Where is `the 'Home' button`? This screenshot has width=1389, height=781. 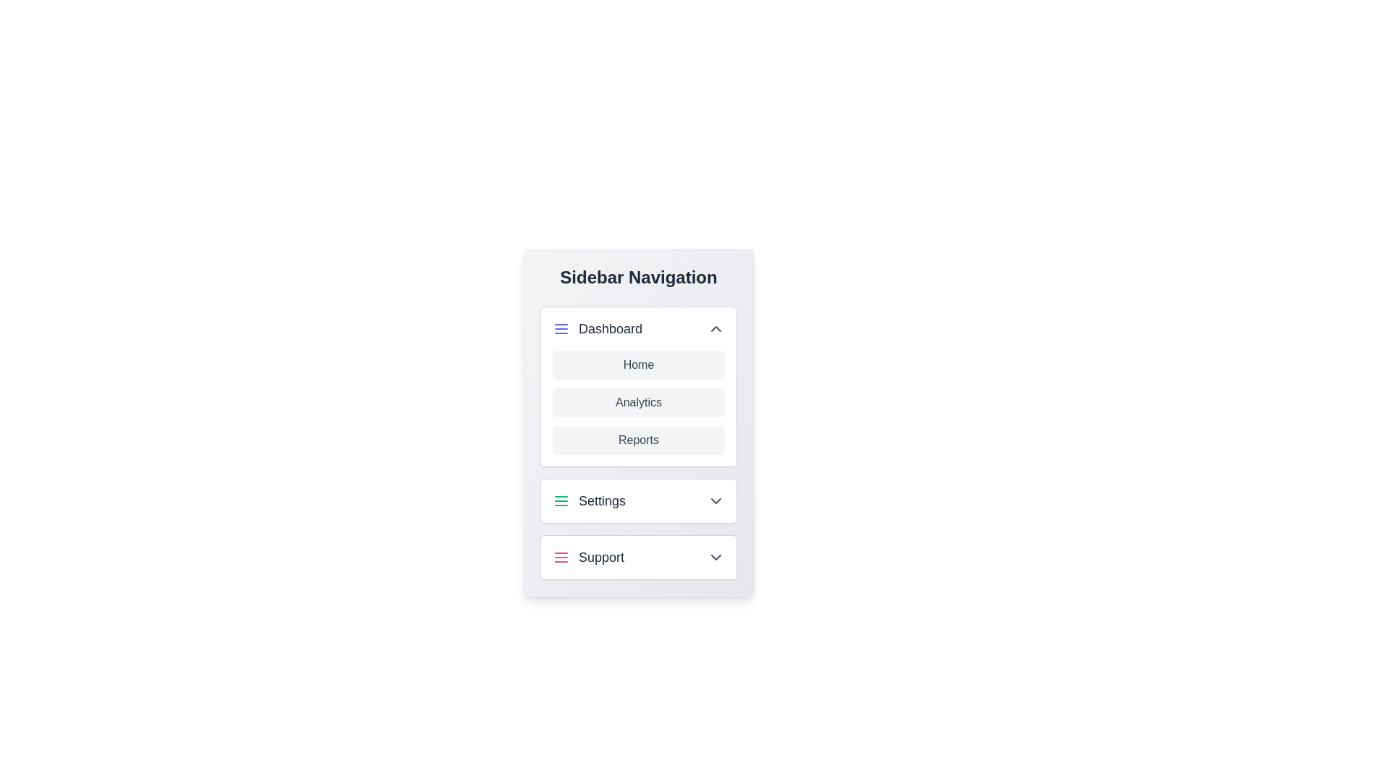 the 'Home' button is located at coordinates (638, 364).